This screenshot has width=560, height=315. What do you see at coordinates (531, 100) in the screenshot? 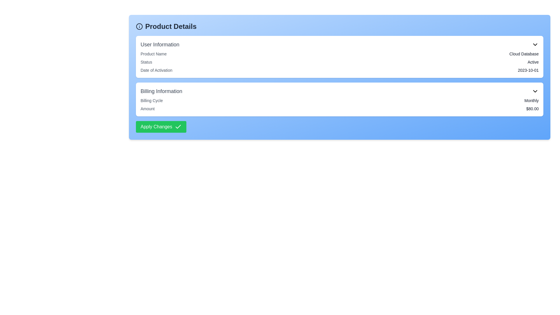
I see `the text display element that shows the current billing cycle selection, which is set as 'Monthly', located in the 'Billing Information' section to the right of the label 'Billing Cycle'` at bounding box center [531, 100].